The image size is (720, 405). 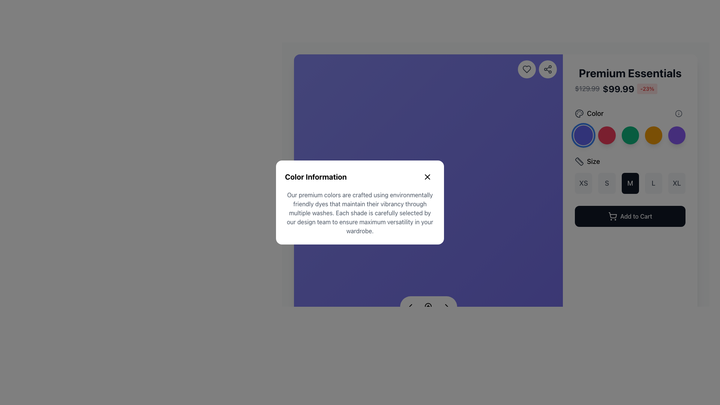 I want to click on the third color selection button for green color option located below the 'Color' section title, so click(x=630, y=125).